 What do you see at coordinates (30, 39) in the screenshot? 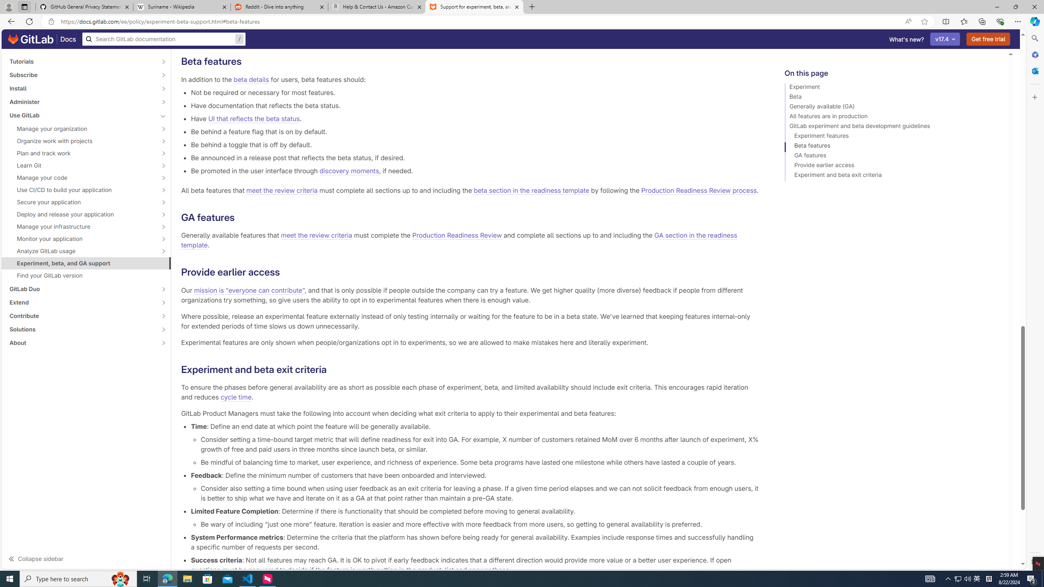
I see `'GitLab documentation home'` at bounding box center [30, 39].